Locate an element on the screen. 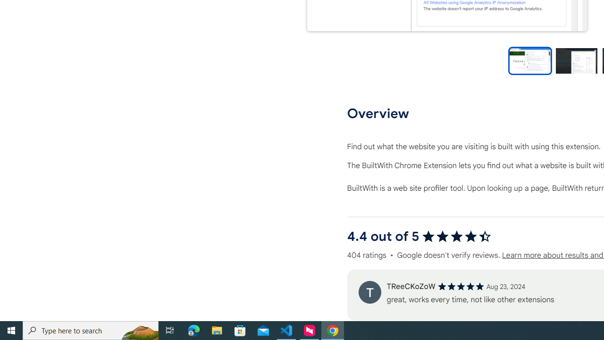 The width and height of the screenshot is (604, 340). 'Search highlights icon opens search home window' is located at coordinates (139, 330).